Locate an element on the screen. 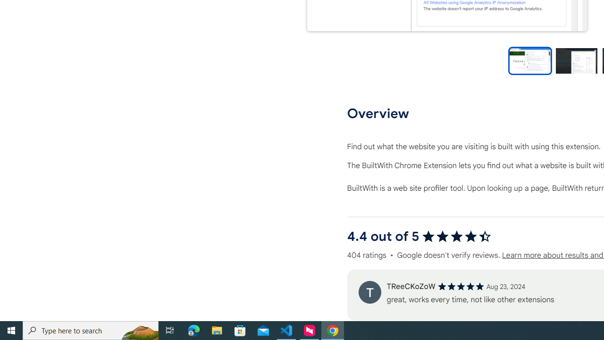 The width and height of the screenshot is (604, 340). 'Search highlights icon opens search home window' is located at coordinates (139, 330).